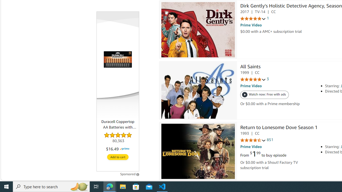 Image resolution: width=342 pixels, height=192 pixels. What do you see at coordinates (263, 154) in the screenshot?
I see `'From $1.99 to buy episode'` at bounding box center [263, 154].